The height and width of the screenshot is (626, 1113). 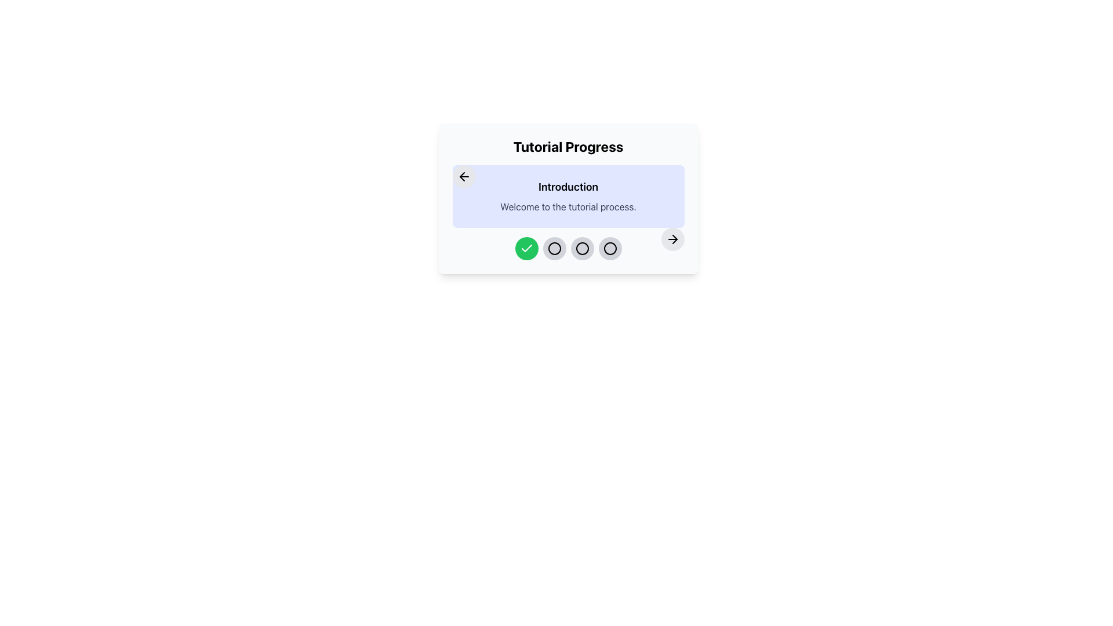 What do you see at coordinates (568, 196) in the screenshot?
I see `text from the Text block with a light blue, rounded rectangular background that contains the bold text 'Introduction' and the smaller text 'Welcome to the tutorial process.'` at bounding box center [568, 196].